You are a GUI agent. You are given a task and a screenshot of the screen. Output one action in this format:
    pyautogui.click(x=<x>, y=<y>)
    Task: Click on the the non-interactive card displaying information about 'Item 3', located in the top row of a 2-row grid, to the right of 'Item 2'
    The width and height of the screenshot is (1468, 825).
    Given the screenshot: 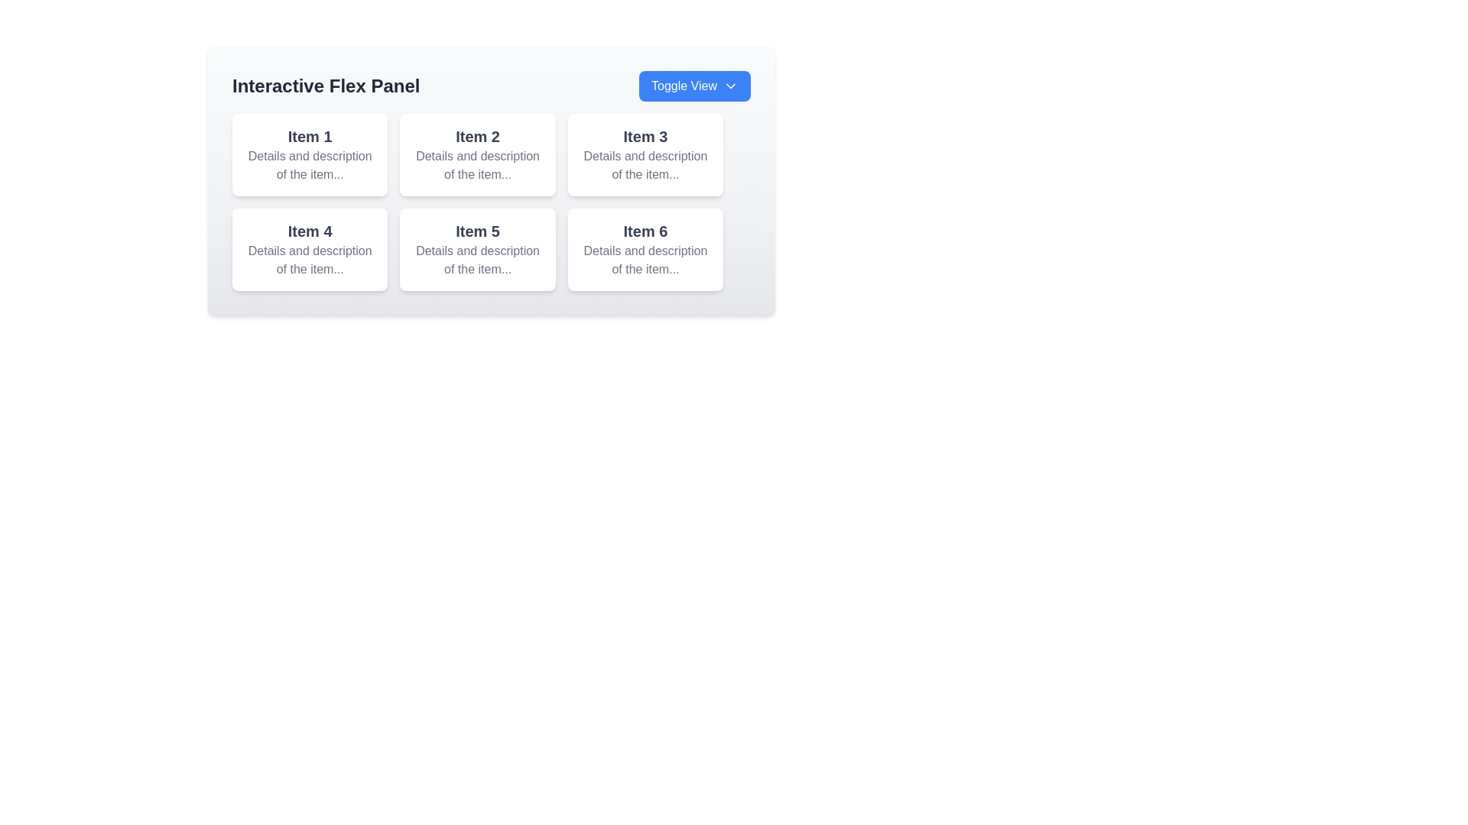 What is the action you would take?
    pyautogui.click(x=645, y=155)
    